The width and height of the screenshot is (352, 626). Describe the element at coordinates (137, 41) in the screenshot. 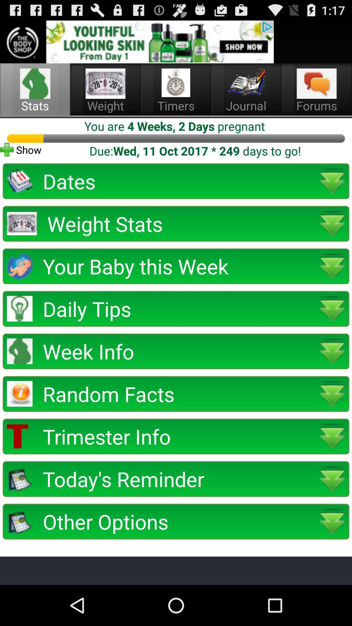

I see `advertisement banner` at that location.